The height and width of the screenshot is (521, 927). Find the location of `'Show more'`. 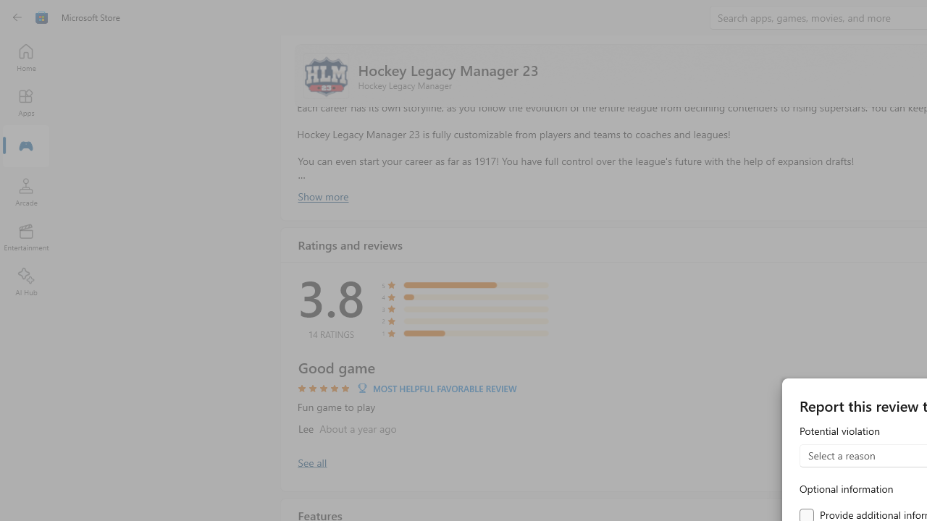

'Show more' is located at coordinates (322, 196).